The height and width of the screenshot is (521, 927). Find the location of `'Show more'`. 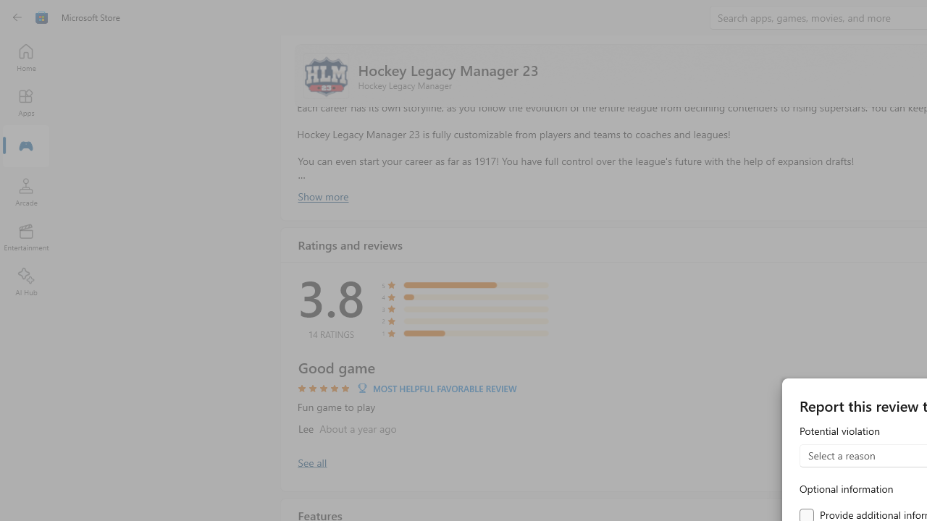

'Show more' is located at coordinates (322, 196).